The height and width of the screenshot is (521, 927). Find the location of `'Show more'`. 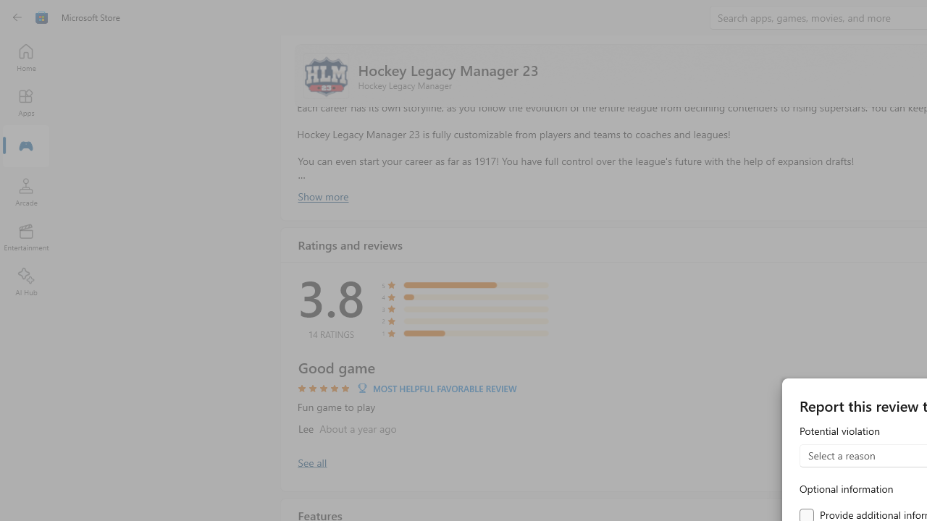

'Show more' is located at coordinates (322, 196).